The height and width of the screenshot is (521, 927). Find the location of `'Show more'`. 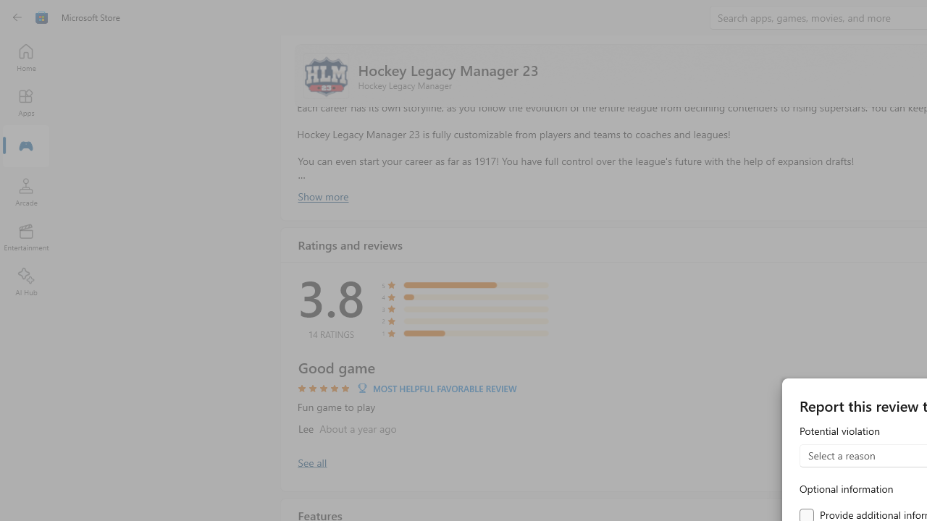

'Show more' is located at coordinates (322, 196).